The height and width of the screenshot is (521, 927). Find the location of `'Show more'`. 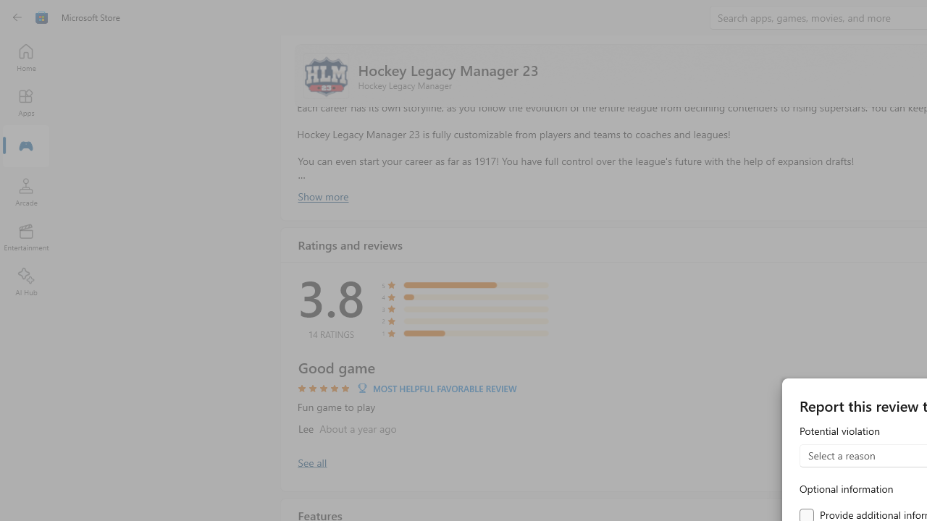

'Show more' is located at coordinates (322, 196).